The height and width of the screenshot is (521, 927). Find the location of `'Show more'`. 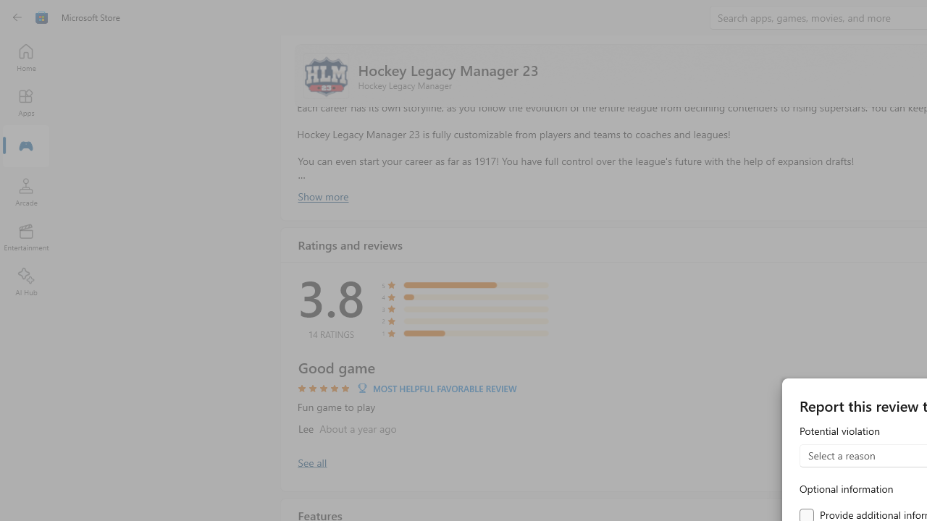

'Show more' is located at coordinates (322, 196).